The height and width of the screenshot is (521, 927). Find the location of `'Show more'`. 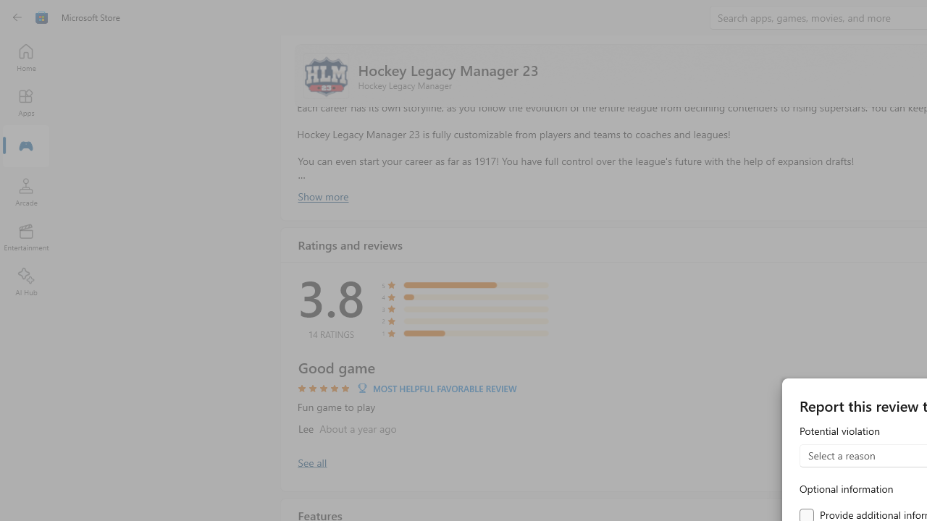

'Show more' is located at coordinates (322, 196).